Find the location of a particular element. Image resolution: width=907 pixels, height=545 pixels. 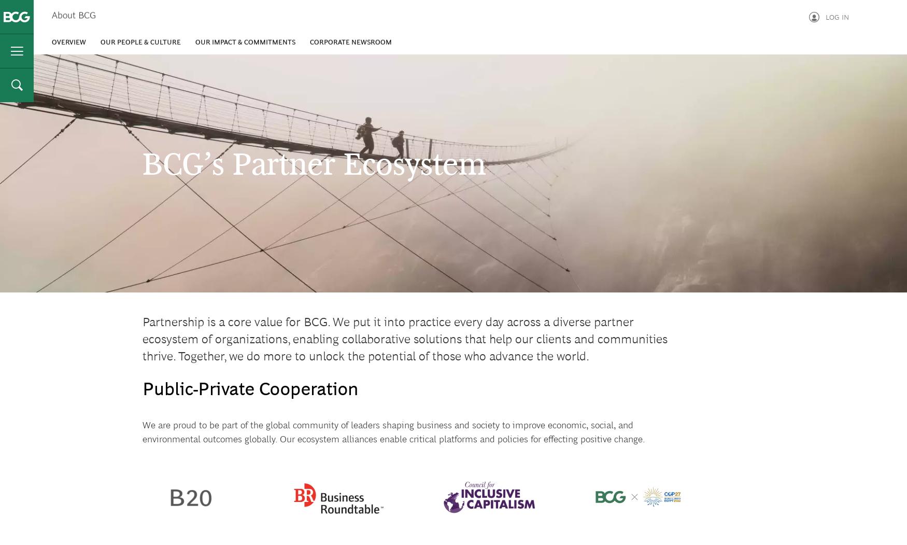

'Our Impact & Commitments' is located at coordinates (245, 47).